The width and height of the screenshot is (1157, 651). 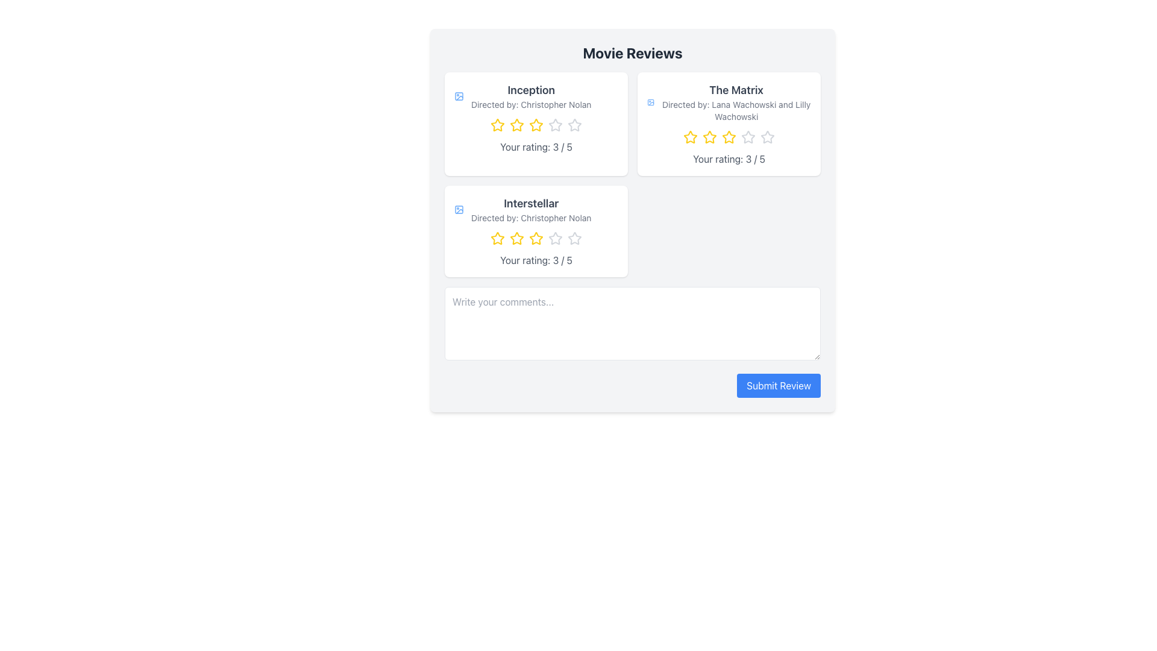 What do you see at coordinates (728, 158) in the screenshot?
I see `text content of the static label displaying 'Your rating: 3 / 5', located beneath the star rating section within the card for 'The Matrix'` at bounding box center [728, 158].